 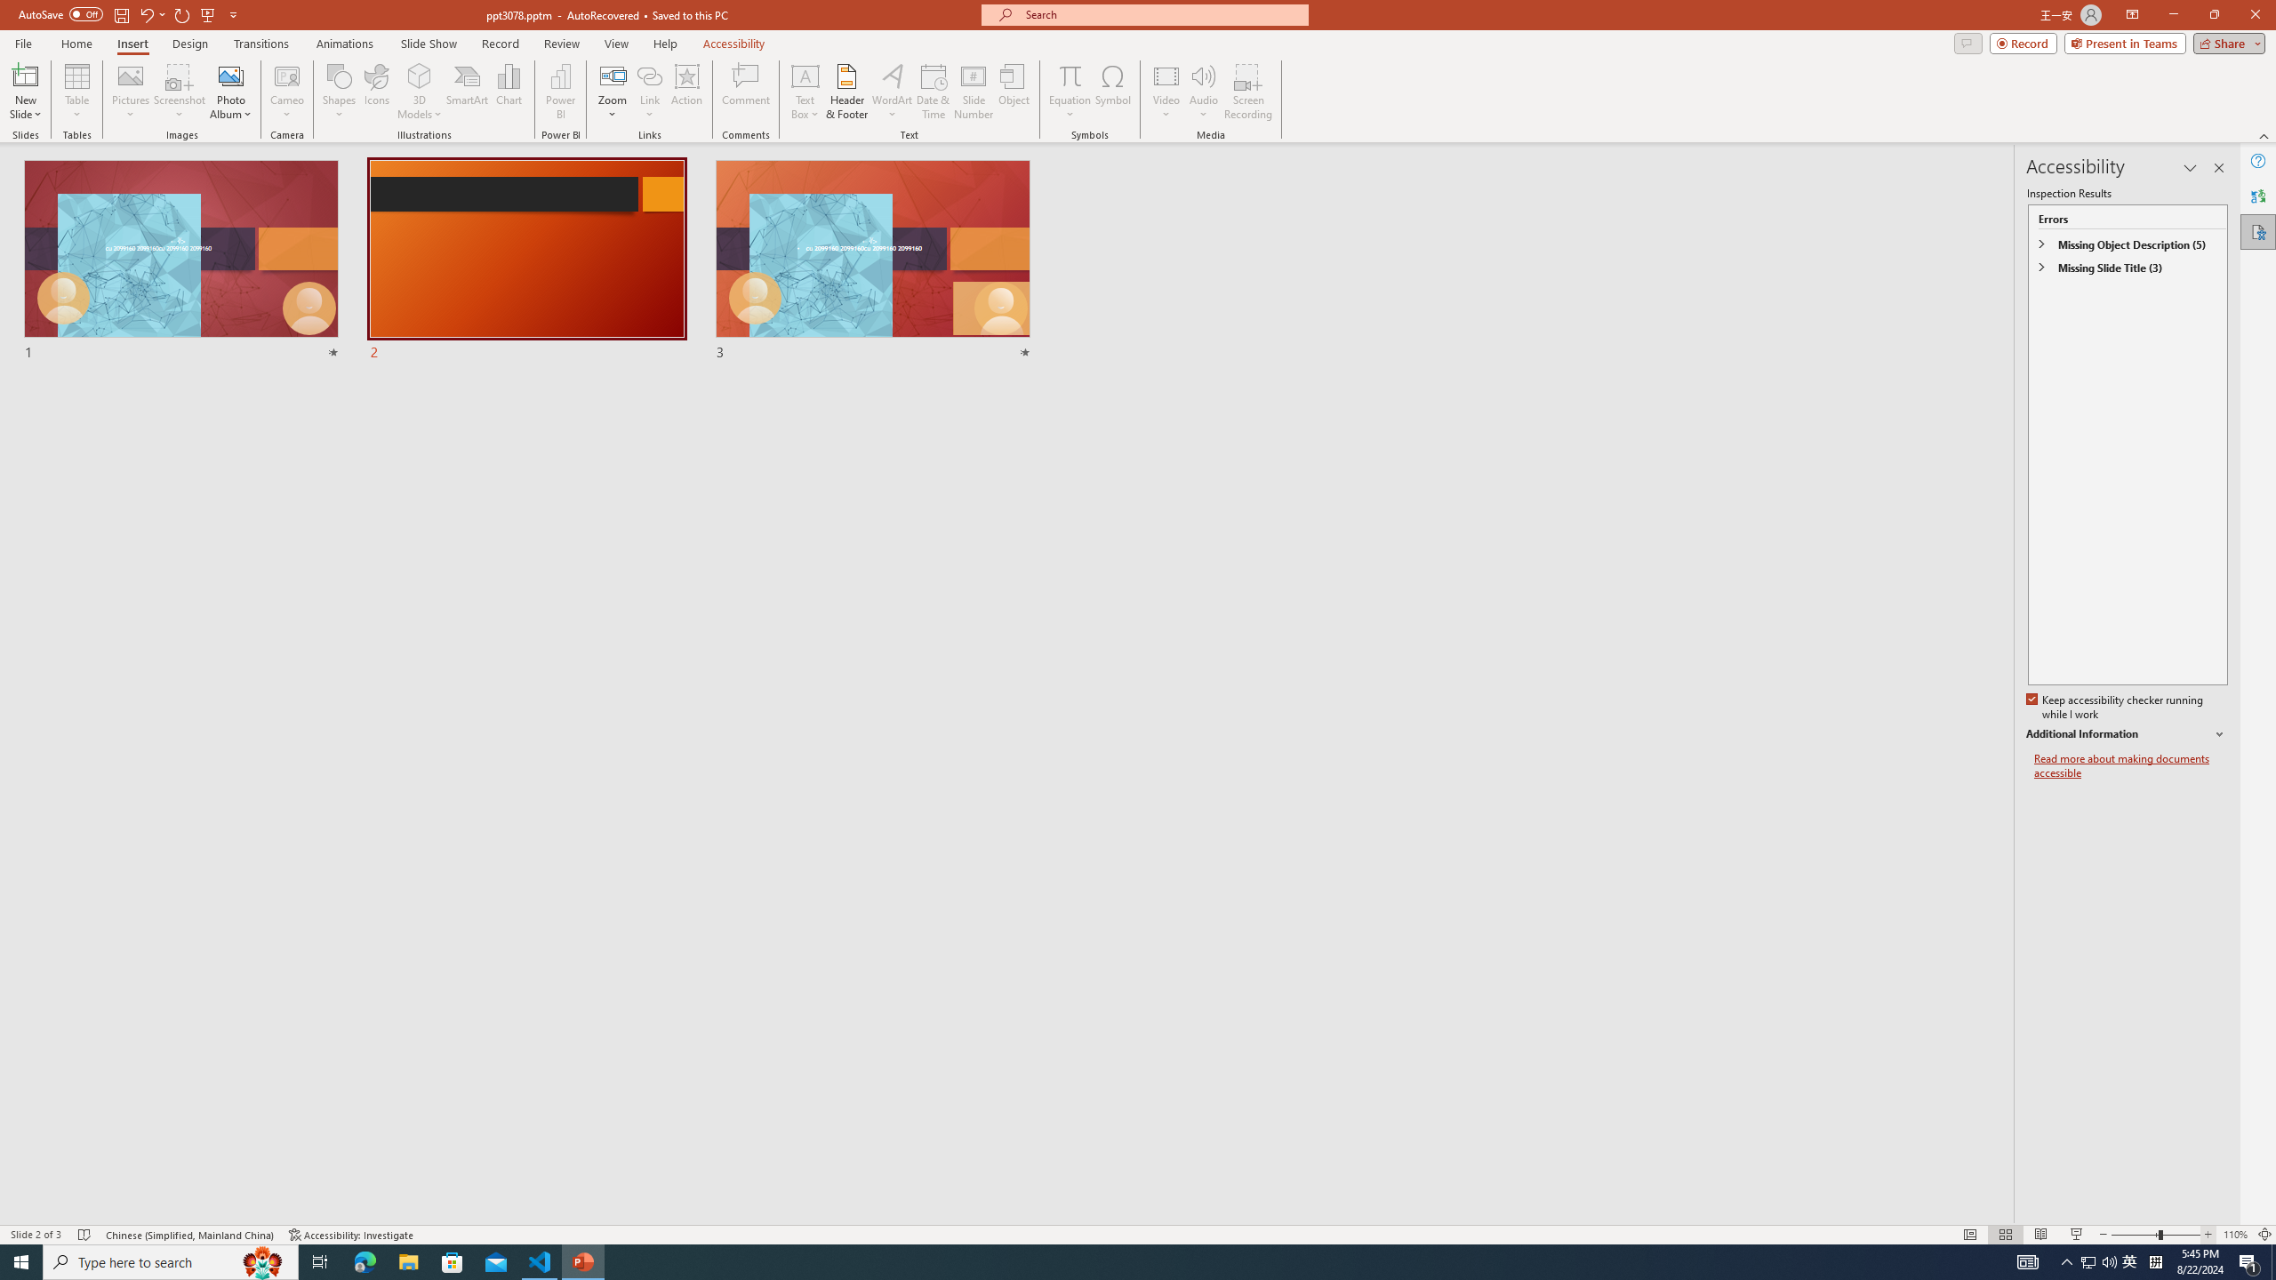 I want to click on 'Symbol...', so click(x=1112, y=92).